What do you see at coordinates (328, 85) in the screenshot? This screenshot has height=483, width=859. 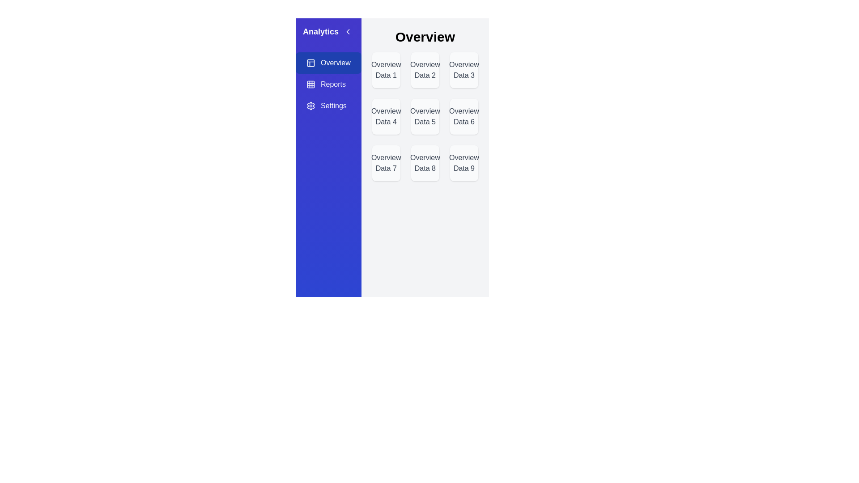 I see `the Reports view by clicking on the corresponding sidebar option` at bounding box center [328, 85].